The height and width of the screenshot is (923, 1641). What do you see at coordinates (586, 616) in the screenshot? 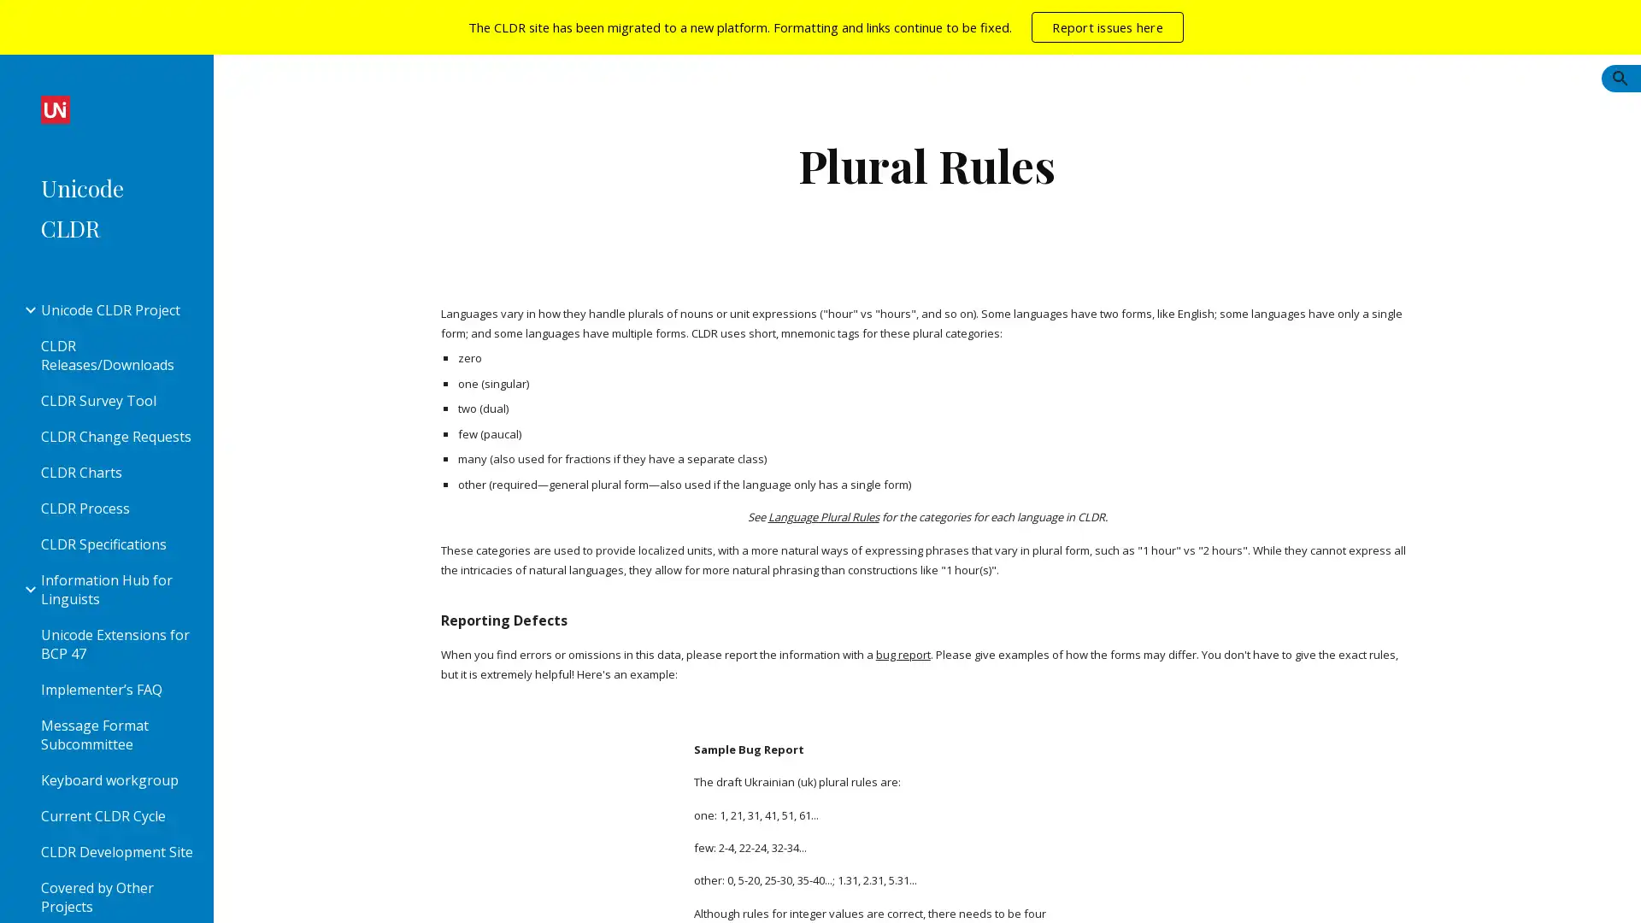
I see `Copy heading link` at bounding box center [586, 616].